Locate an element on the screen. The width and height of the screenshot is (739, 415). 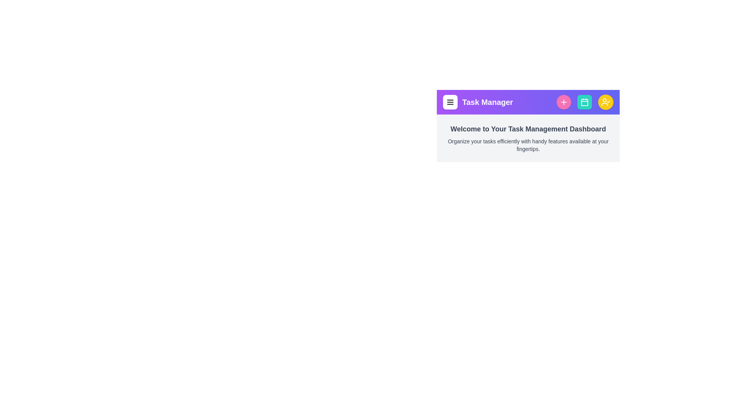
the calendar button to view the calendar is located at coordinates (584, 102).